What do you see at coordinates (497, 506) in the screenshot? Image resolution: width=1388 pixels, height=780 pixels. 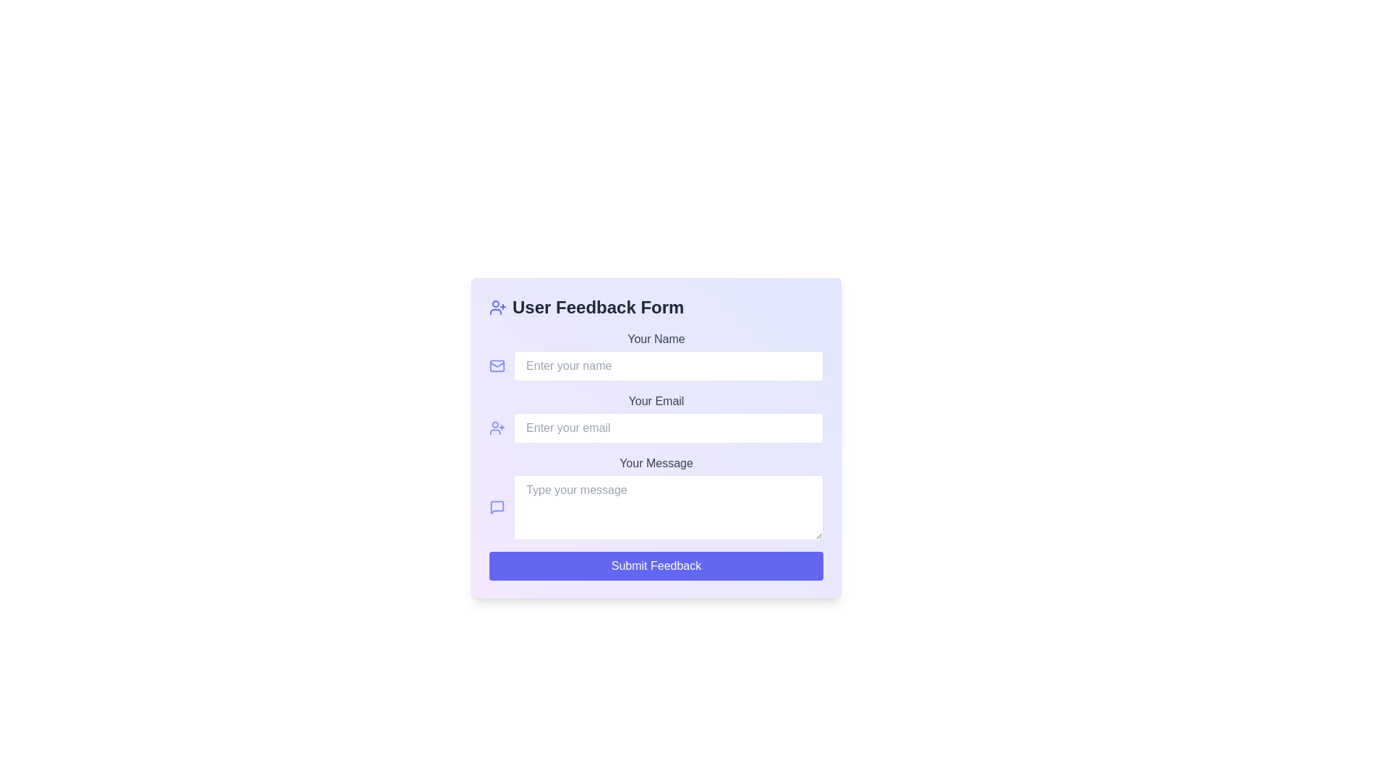 I see `the message composition icon located to the left of the 'Your Message' text field in the feedback form` at bounding box center [497, 506].